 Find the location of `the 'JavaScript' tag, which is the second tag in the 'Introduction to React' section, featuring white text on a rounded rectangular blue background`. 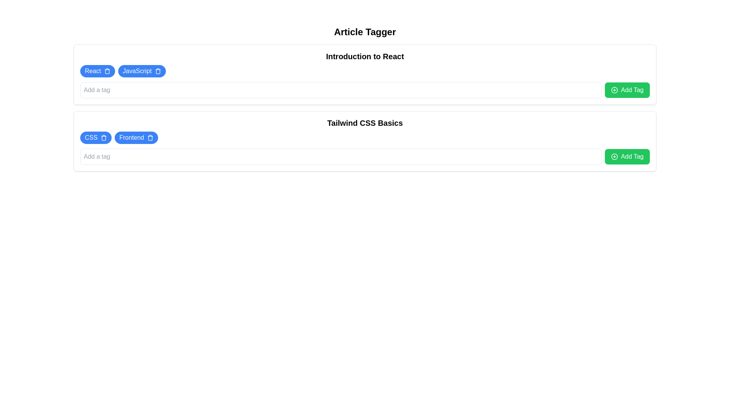

the 'JavaScript' tag, which is the second tag in the 'Introduction to React' section, featuring white text on a rounded rectangular blue background is located at coordinates (137, 71).